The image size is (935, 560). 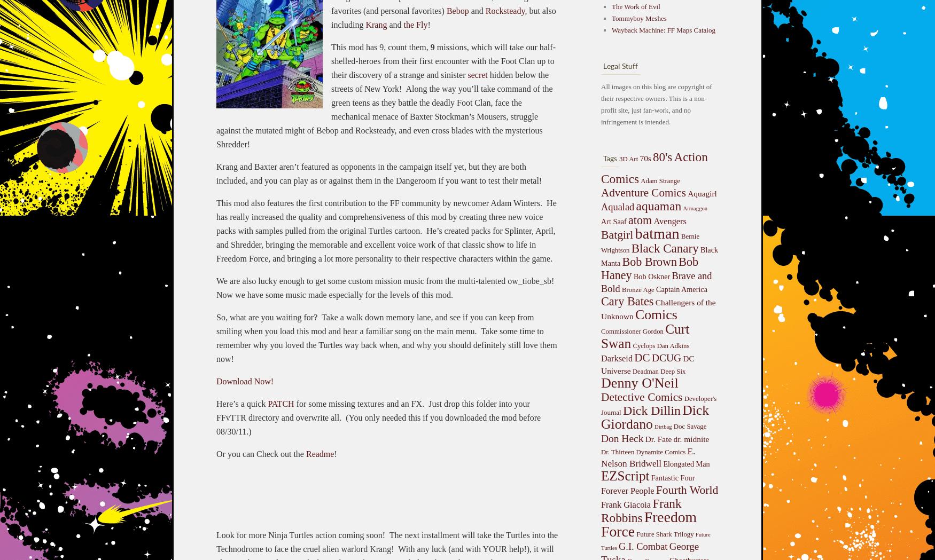 What do you see at coordinates (672, 372) in the screenshot?
I see `'Deep Six'` at bounding box center [672, 372].